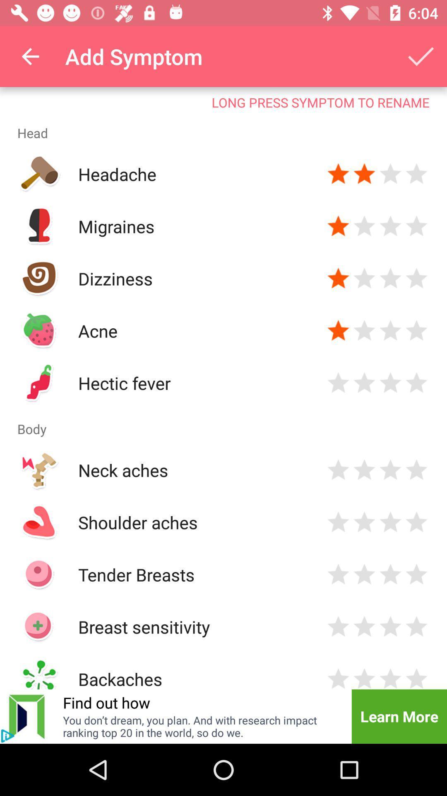 This screenshot has height=796, width=447. What do you see at coordinates (390, 470) in the screenshot?
I see `choose three stars for neck aches option` at bounding box center [390, 470].